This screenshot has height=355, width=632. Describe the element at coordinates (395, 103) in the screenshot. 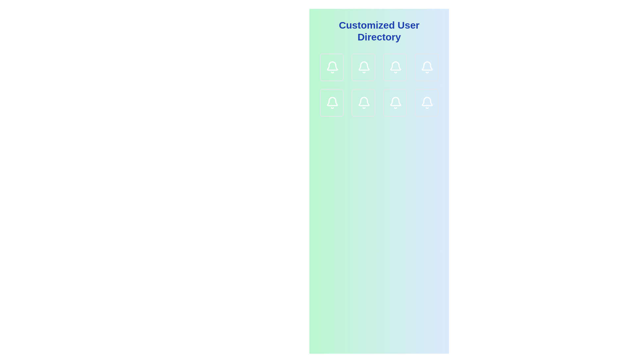

I see `the second bell-shaped icon` at that location.